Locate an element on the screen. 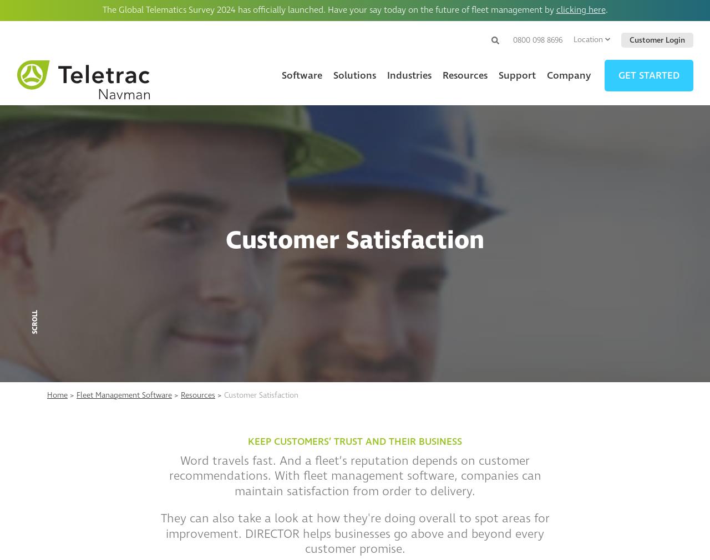 The image size is (710, 560). 'Customer Login' is located at coordinates (629, 39).